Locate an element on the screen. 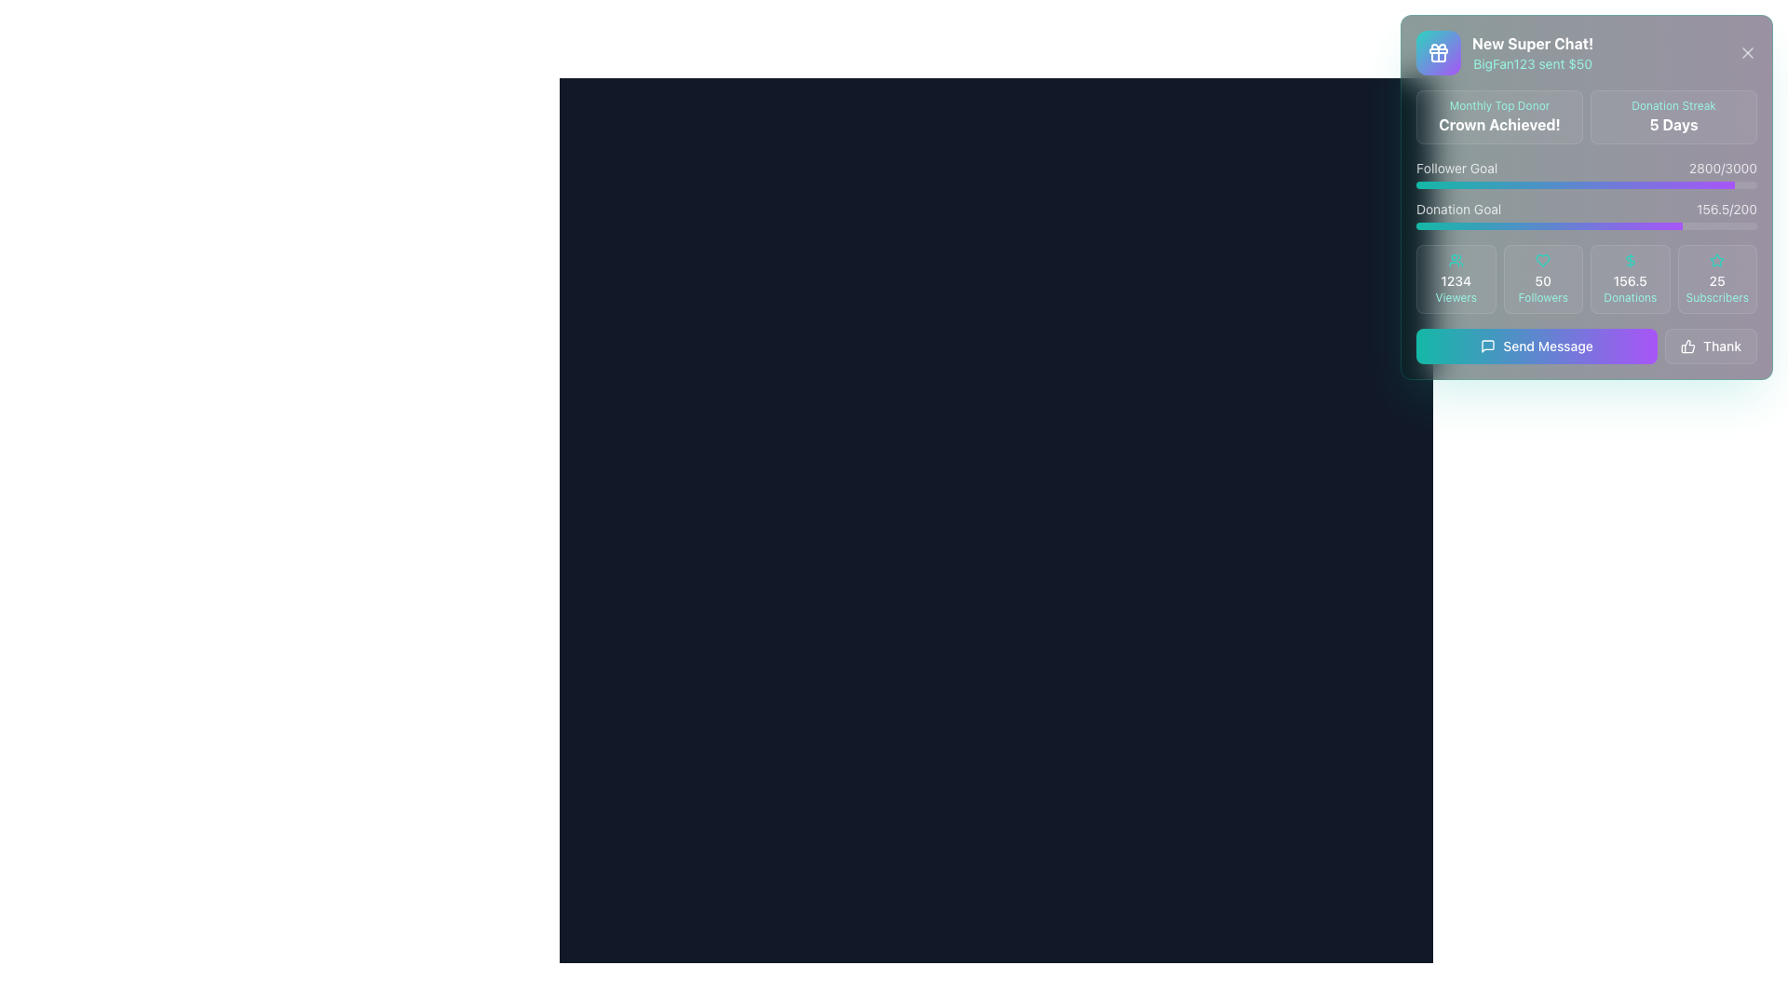 Image resolution: width=1788 pixels, height=1006 pixels. the graphical icon component that represents a gift box within the upper left corner of the popup widget is located at coordinates (1438, 56).